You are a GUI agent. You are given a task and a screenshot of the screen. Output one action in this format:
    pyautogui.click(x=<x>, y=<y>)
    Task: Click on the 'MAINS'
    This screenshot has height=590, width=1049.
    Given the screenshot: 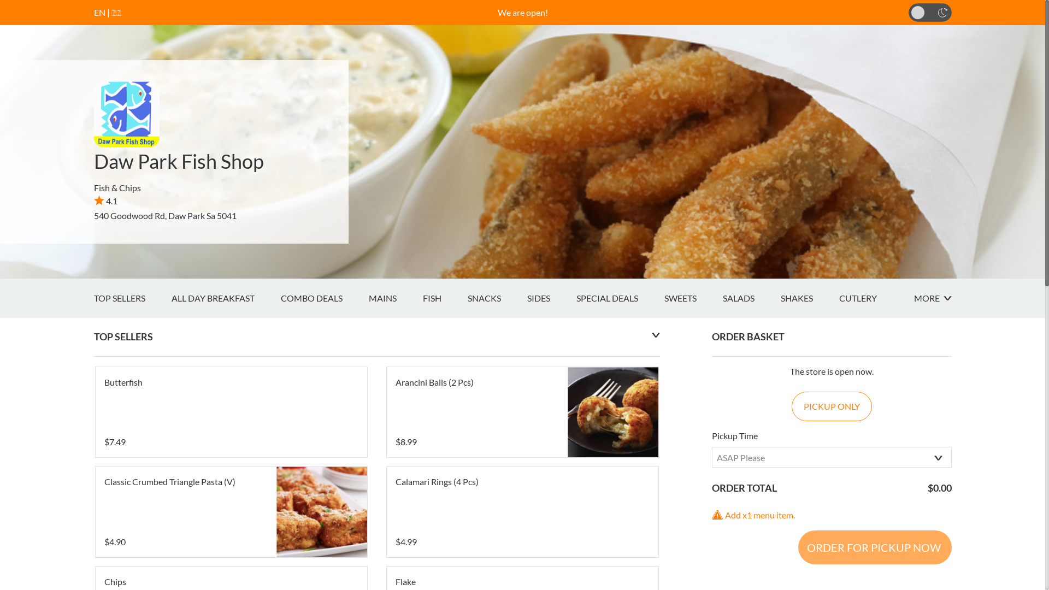 What is the action you would take?
    pyautogui.click(x=394, y=298)
    